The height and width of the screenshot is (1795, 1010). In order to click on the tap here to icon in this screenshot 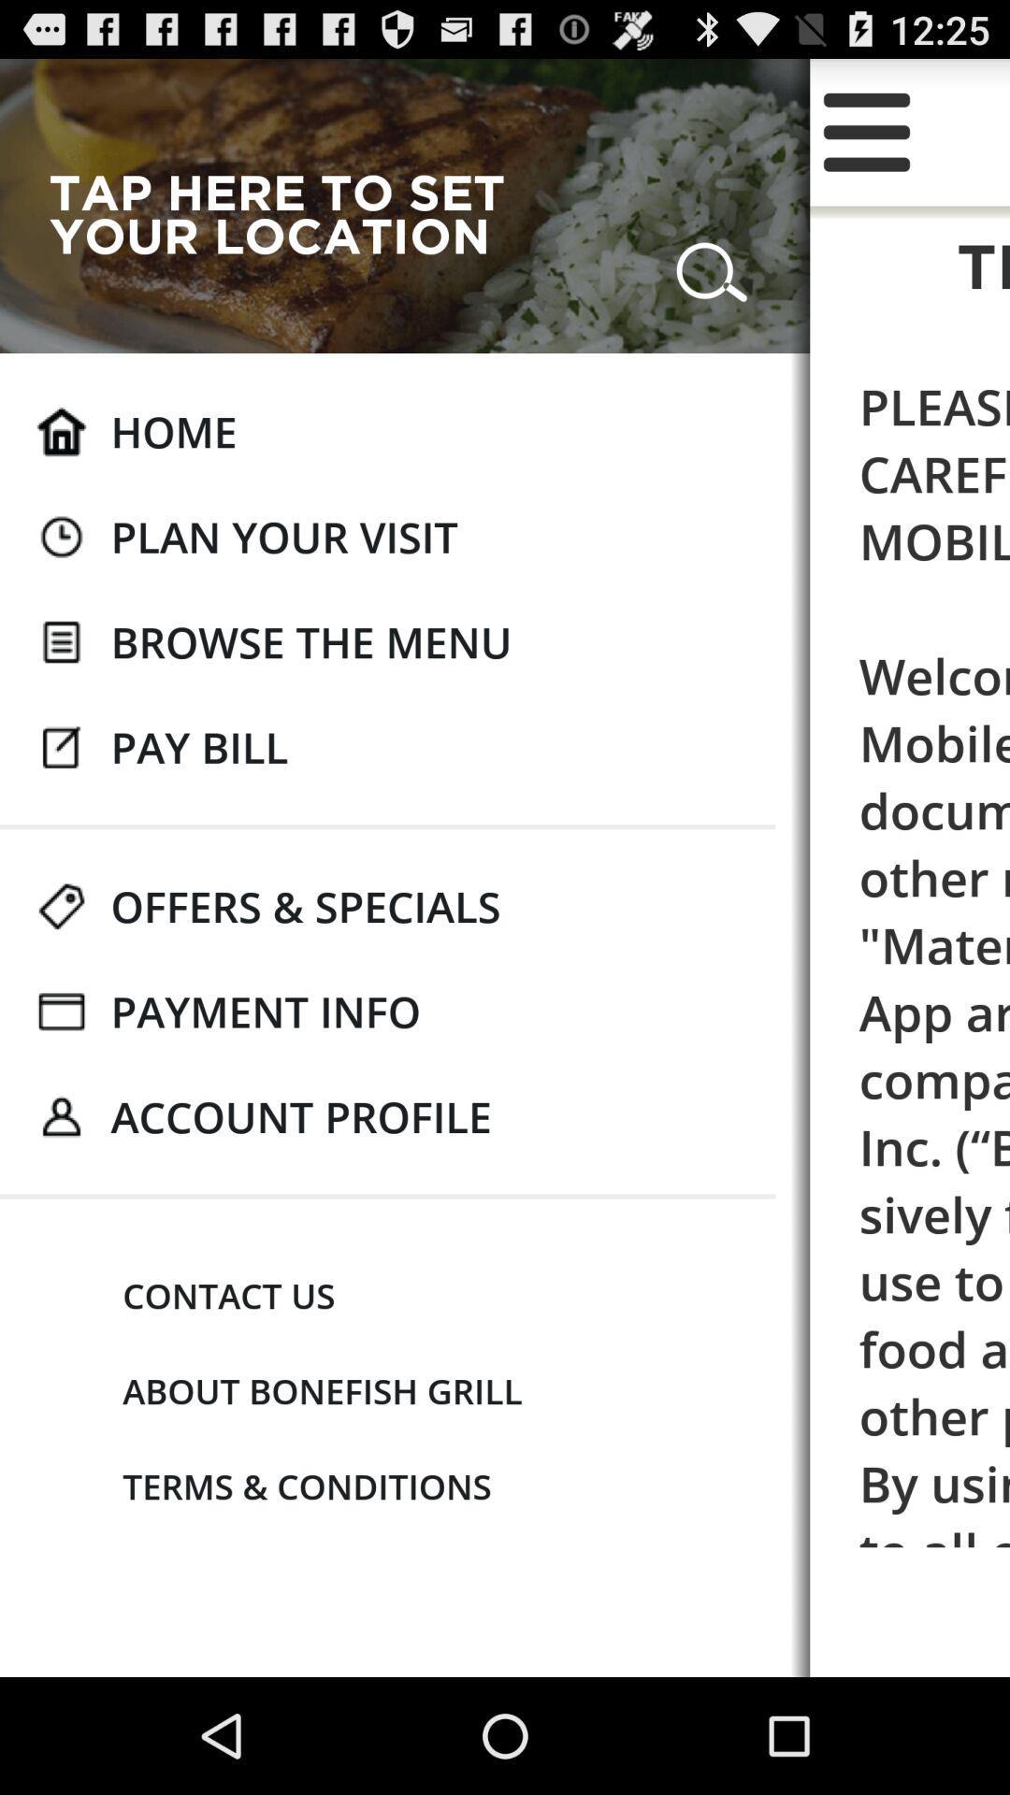, I will do `click(292, 213)`.